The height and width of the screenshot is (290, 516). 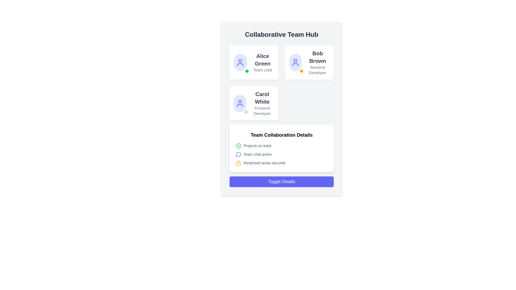 What do you see at coordinates (239, 103) in the screenshot?
I see `the user avatar icon with a light purple background and indigo user silhouette, located at the top-left corner of the card containing 'Carol White' and 'Frontend Developer'` at bounding box center [239, 103].